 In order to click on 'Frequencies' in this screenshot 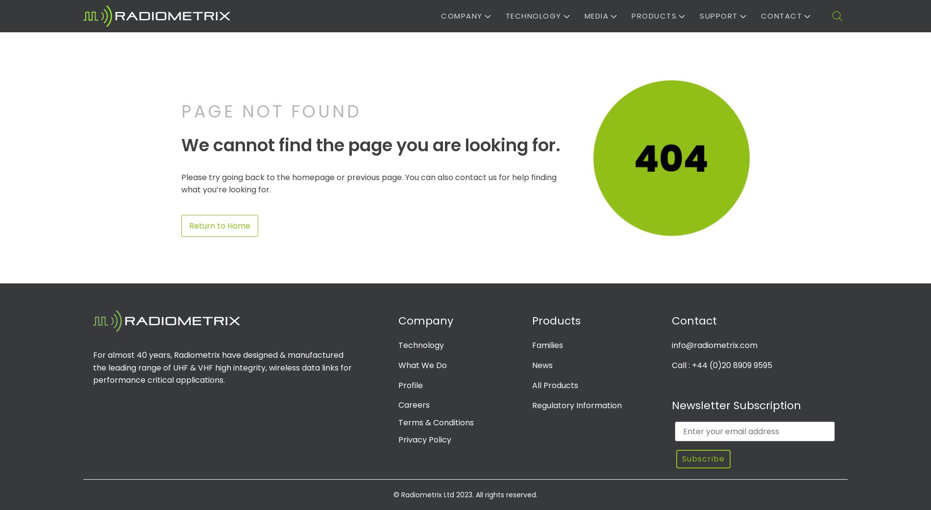, I will do `click(726, 61)`.